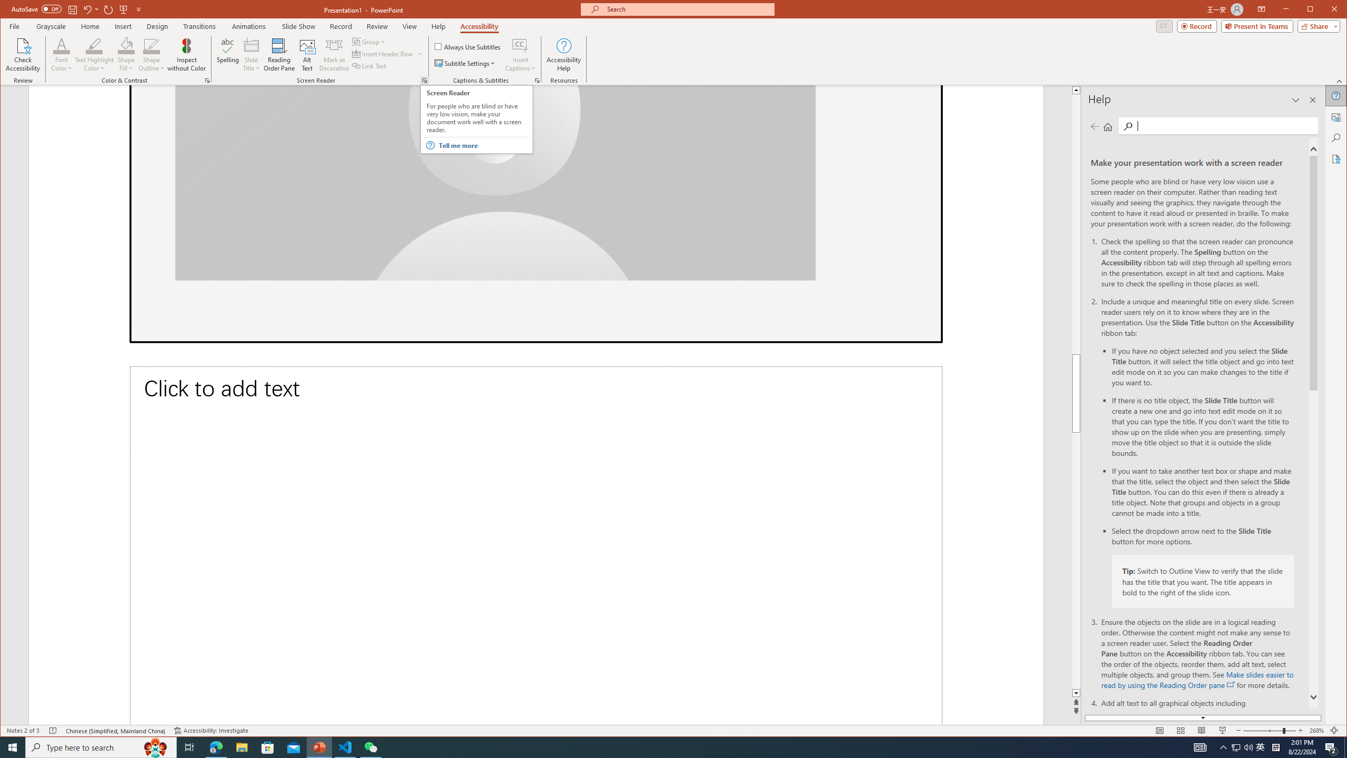 The image size is (1347, 758). Describe the element at coordinates (306, 54) in the screenshot. I see `'Alt Text'` at that location.